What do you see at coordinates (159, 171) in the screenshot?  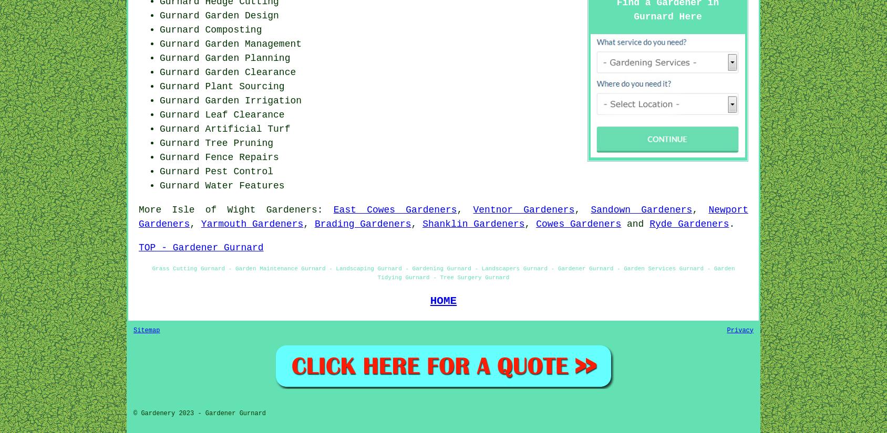 I see `'Gurnard'` at bounding box center [159, 171].